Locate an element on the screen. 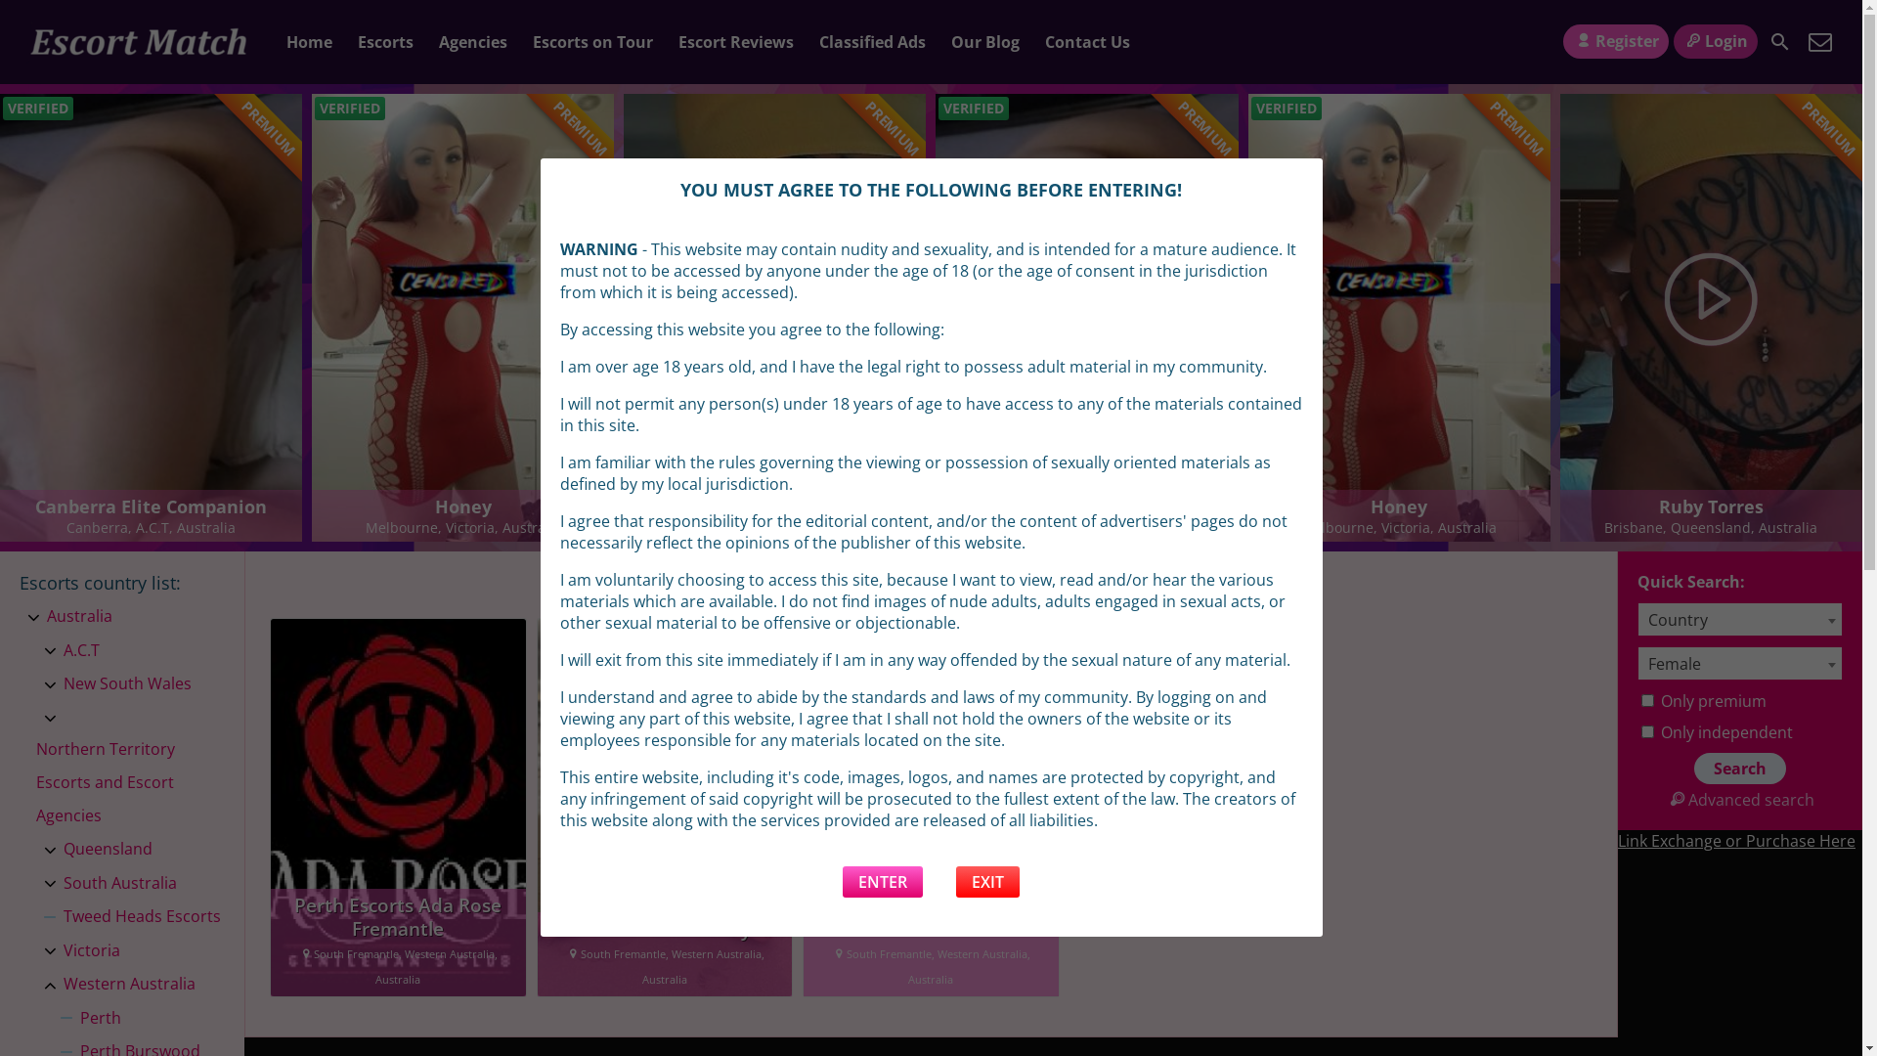 The height and width of the screenshot is (1056, 1877). 'Advanced search' is located at coordinates (1739, 799).